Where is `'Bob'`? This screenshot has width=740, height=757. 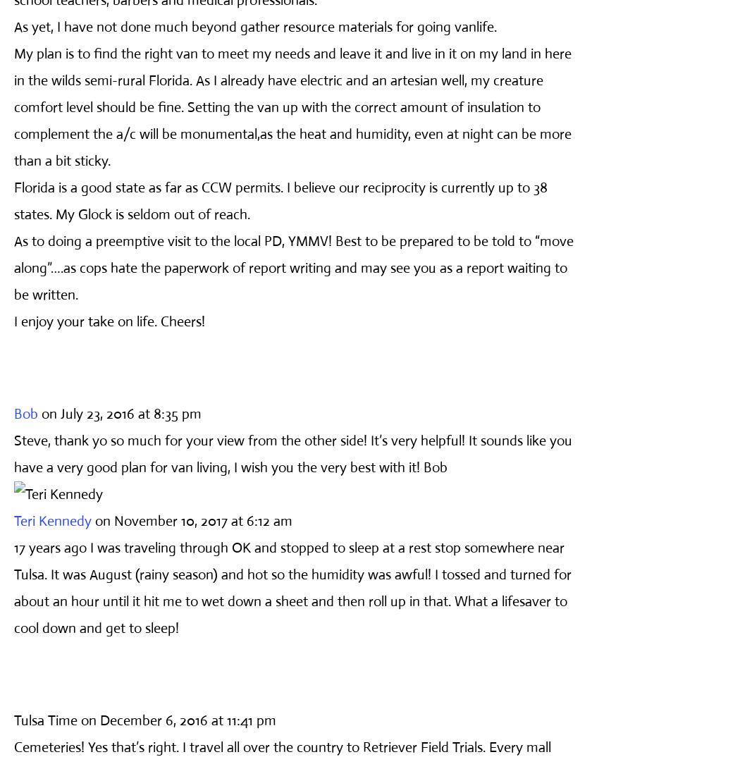 'Bob' is located at coordinates (25, 412).